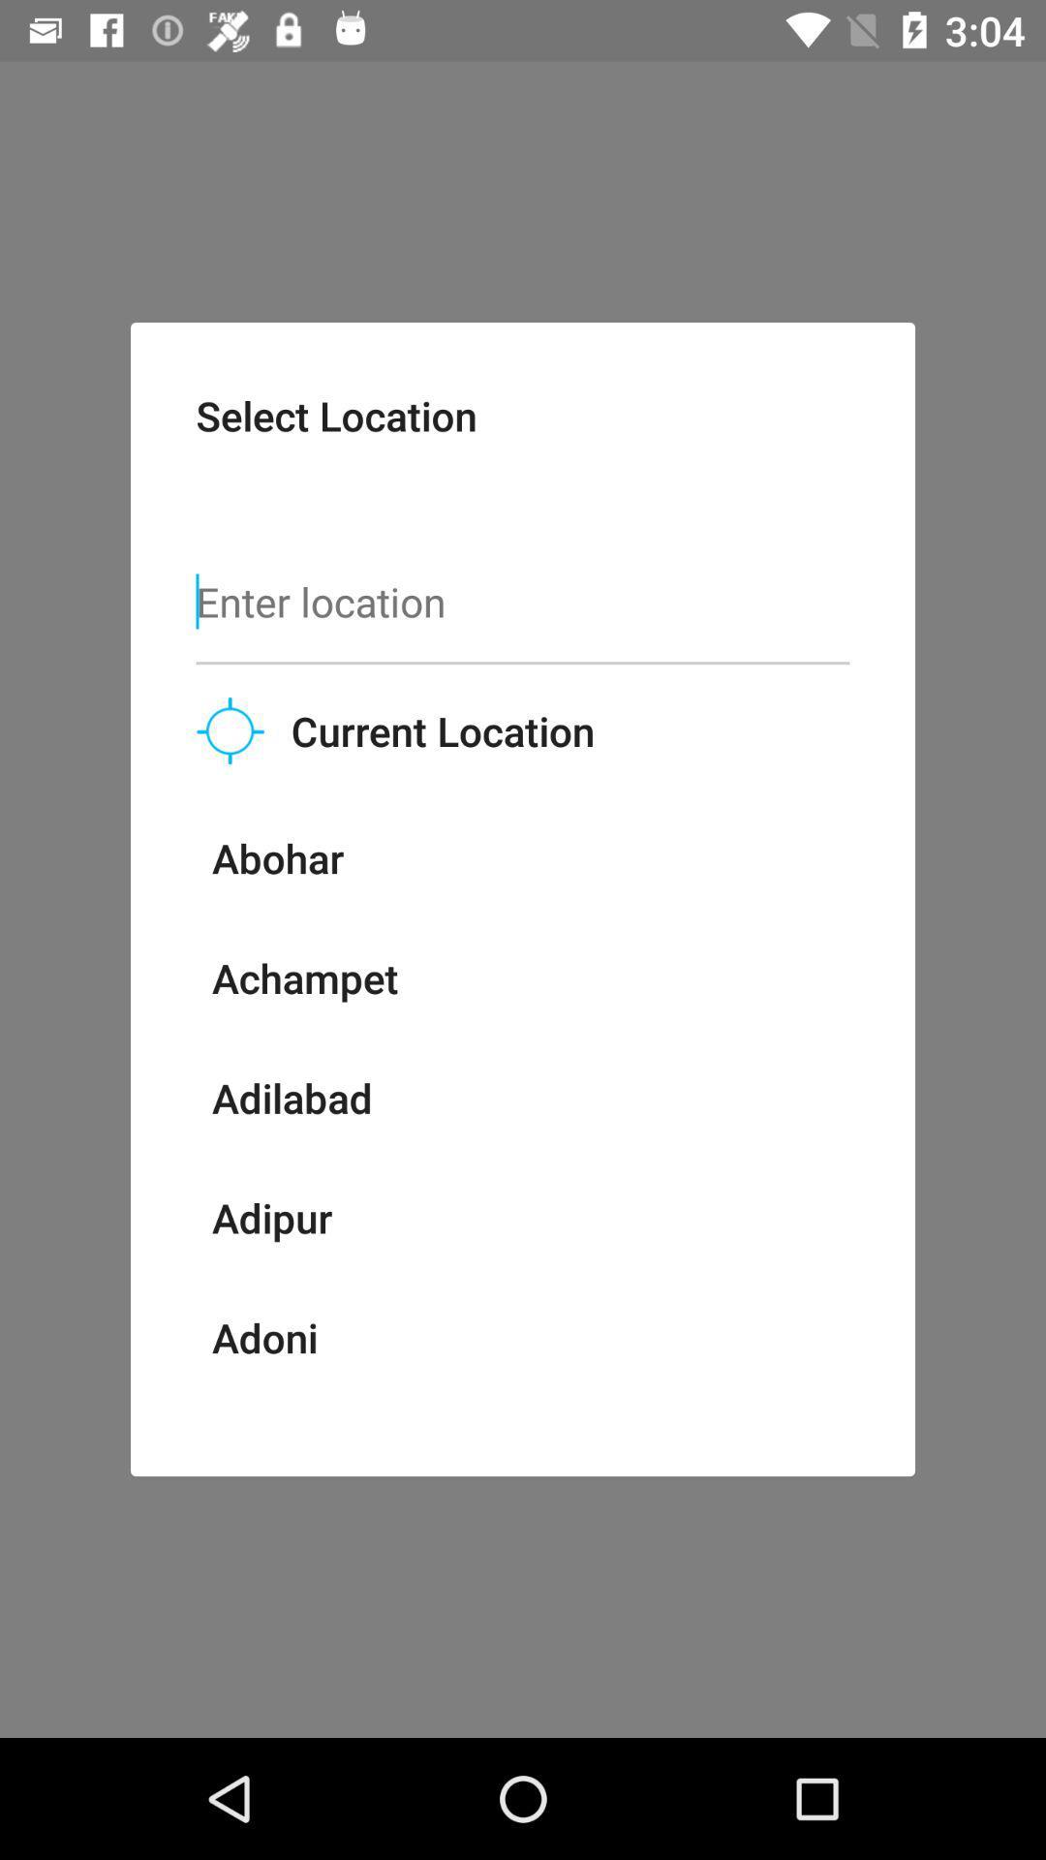 This screenshot has width=1046, height=1860. I want to click on adilabad icon, so click(292, 1098).